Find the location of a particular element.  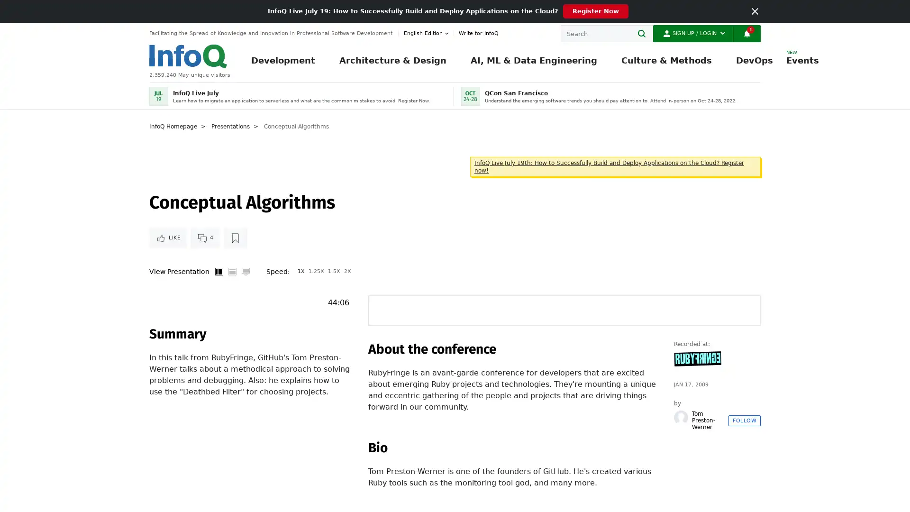

1x is located at coordinates (300, 272).